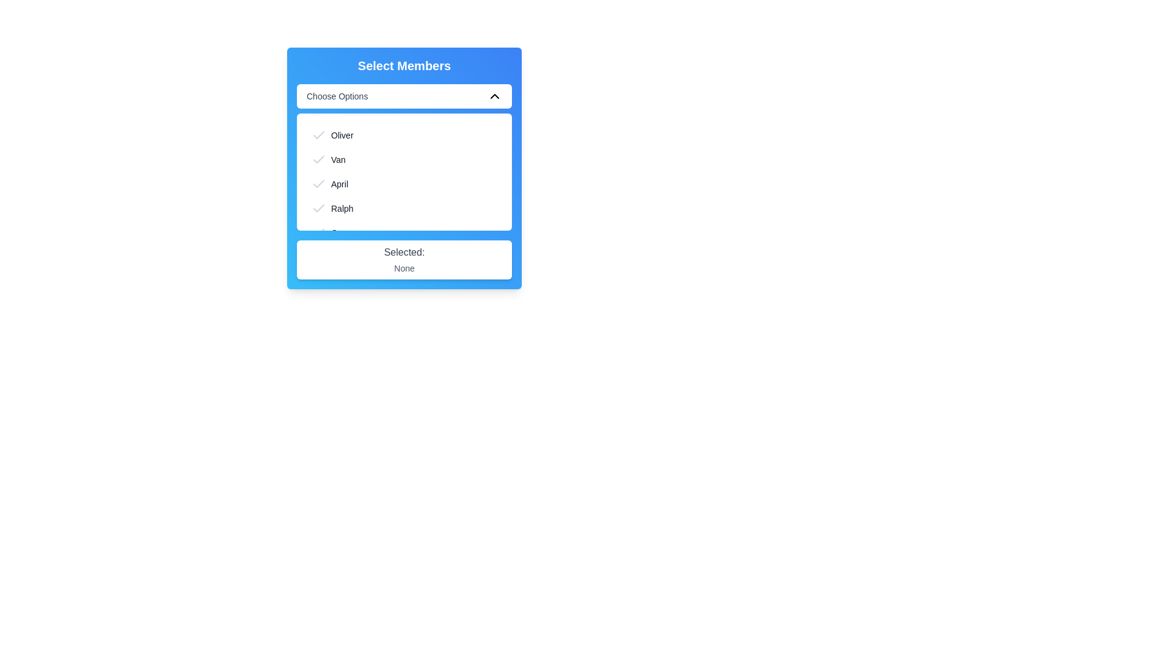 The width and height of the screenshot is (1173, 659). Describe the element at coordinates (319, 184) in the screenshot. I see `the selection state represented by the checkmark icon next to the list item 'April' in the dropdown menu` at that location.